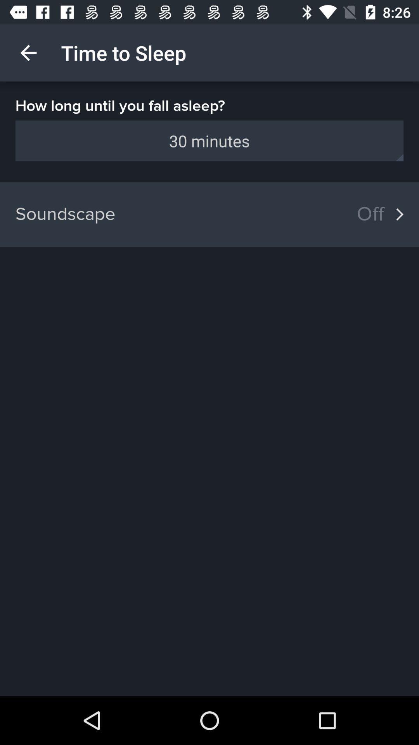 Image resolution: width=419 pixels, height=745 pixels. Describe the element at coordinates (28, 52) in the screenshot. I see `the icon to the left of time to sleep` at that location.